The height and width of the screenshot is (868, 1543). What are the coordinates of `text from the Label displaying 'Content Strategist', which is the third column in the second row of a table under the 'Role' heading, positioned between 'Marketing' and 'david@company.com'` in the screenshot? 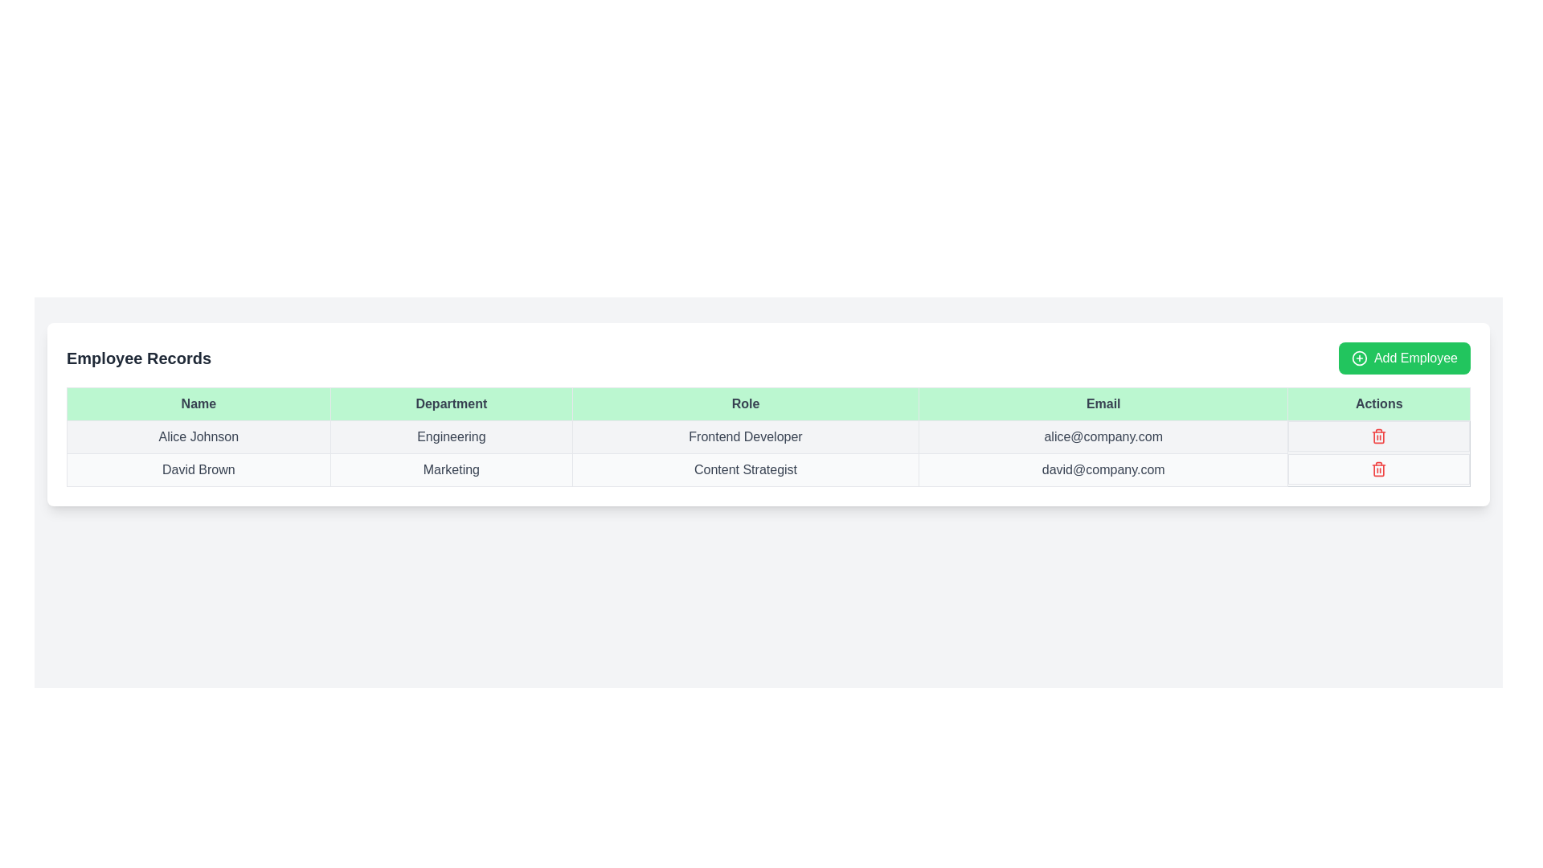 It's located at (744, 470).